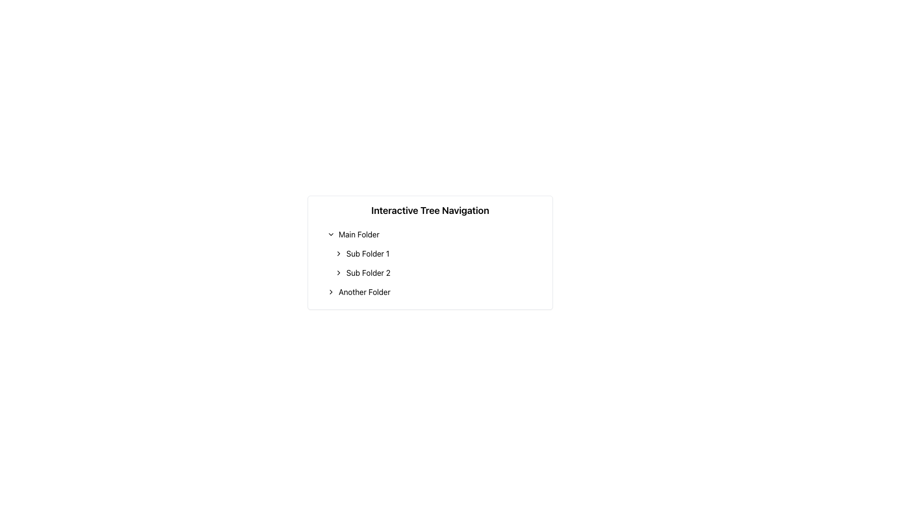 This screenshot has height=518, width=920. I want to click on the right-facing chevron icon that indicates the expandable option for 'Sub Folder 1', which is aligned horizontally with the text 'Sub Folder 1', so click(338, 253).